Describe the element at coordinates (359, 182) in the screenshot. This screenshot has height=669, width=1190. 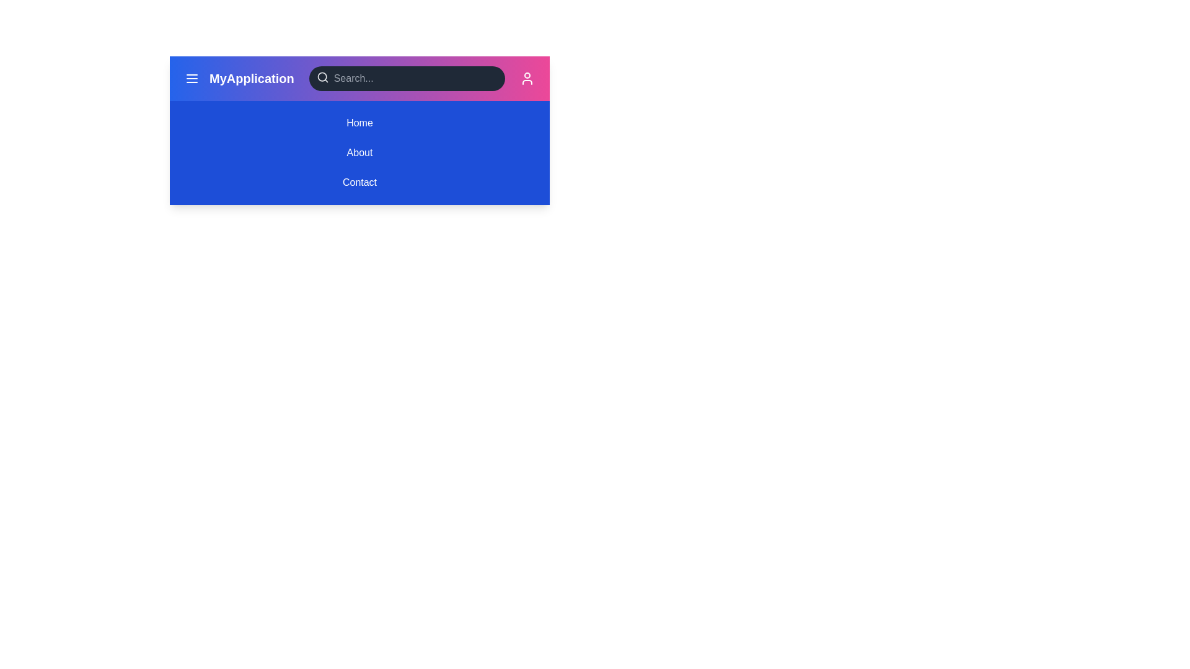
I see `the menu item Contact to navigate to the corresponding section` at that location.